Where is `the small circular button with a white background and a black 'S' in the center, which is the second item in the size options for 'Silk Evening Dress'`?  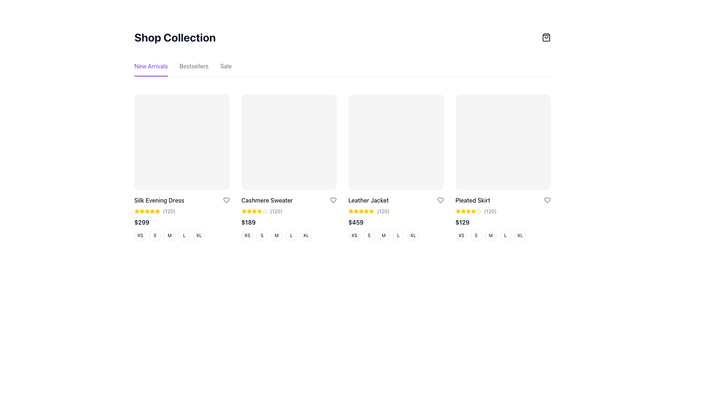 the small circular button with a white background and a black 'S' in the center, which is the second item in the size options for 'Silk Evening Dress' is located at coordinates (155, 235).